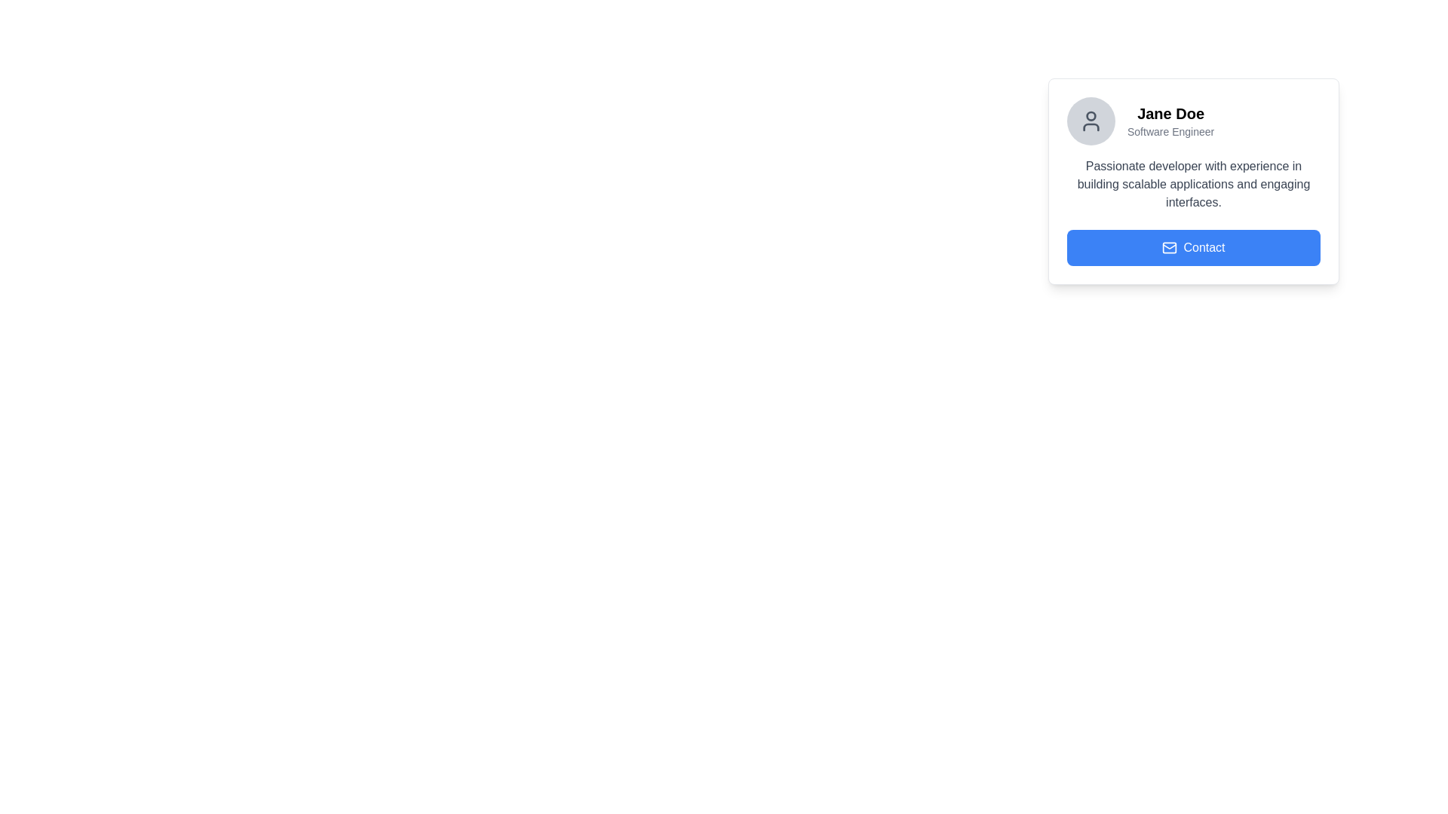 This screenshot has height=814, width=1448. What do you see at coordinates (1193, 180) in the screenshot?
I see `text for profile information from the Information Card displaying 'Jane Doe' as the name and 'Software Engineer' as the role, located at the specified coordinates` at bounding box center [1193, 180].